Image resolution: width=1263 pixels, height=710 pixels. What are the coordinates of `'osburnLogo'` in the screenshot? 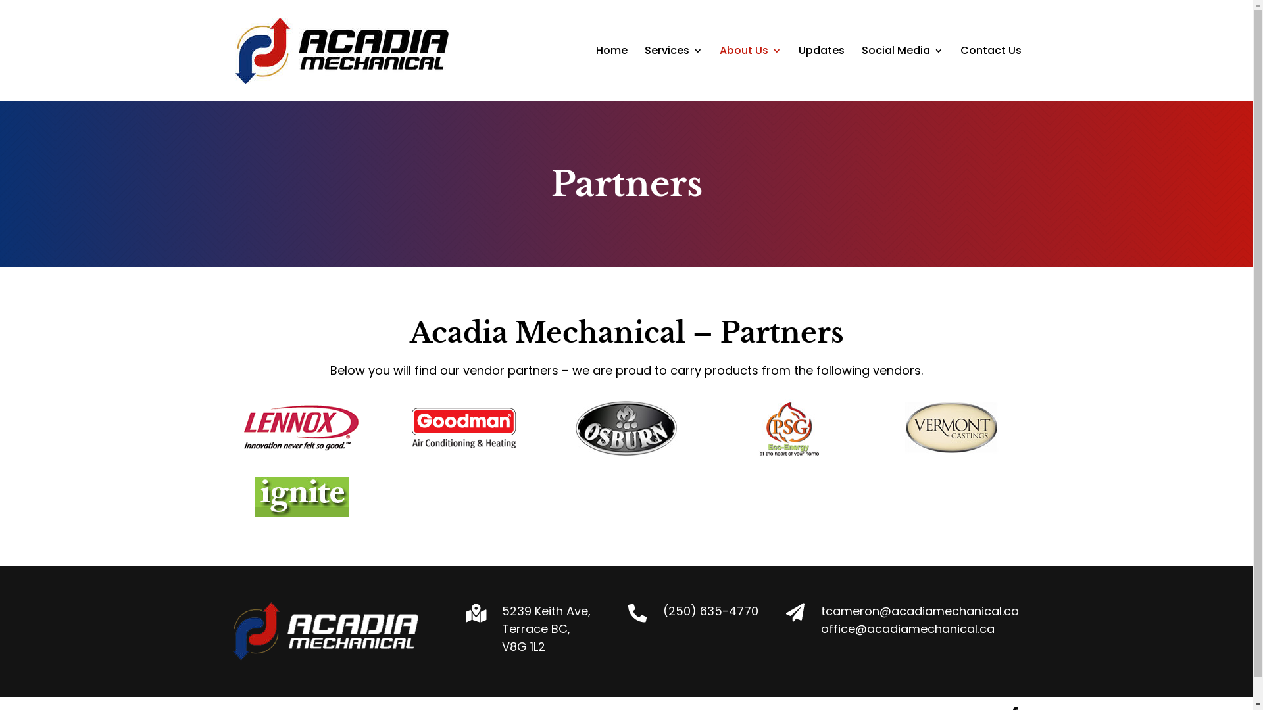 It's located at (625, 428).